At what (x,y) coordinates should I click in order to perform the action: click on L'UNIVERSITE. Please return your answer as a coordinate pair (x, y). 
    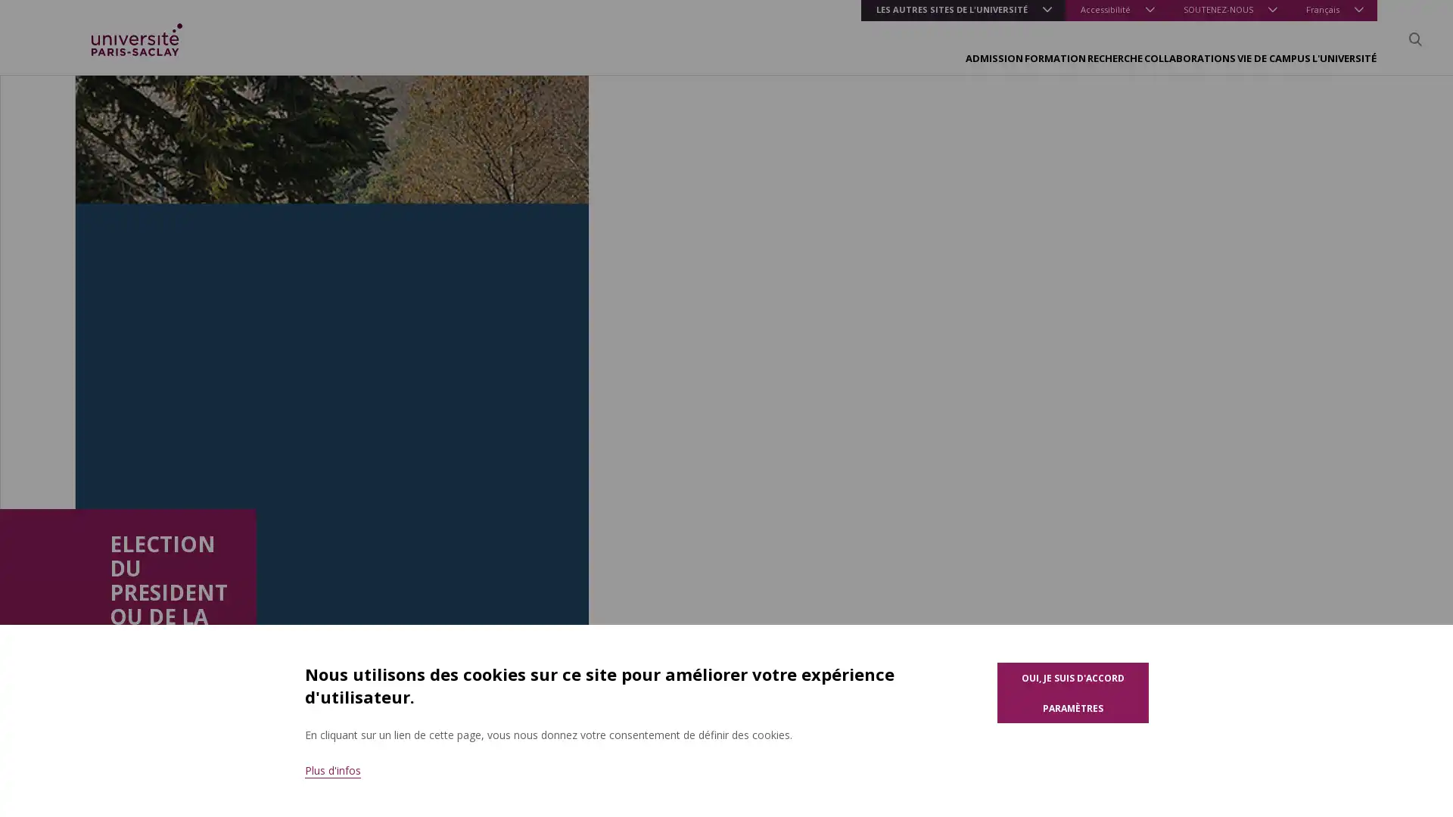
    Looking at the image, I should click on (1321, 51).